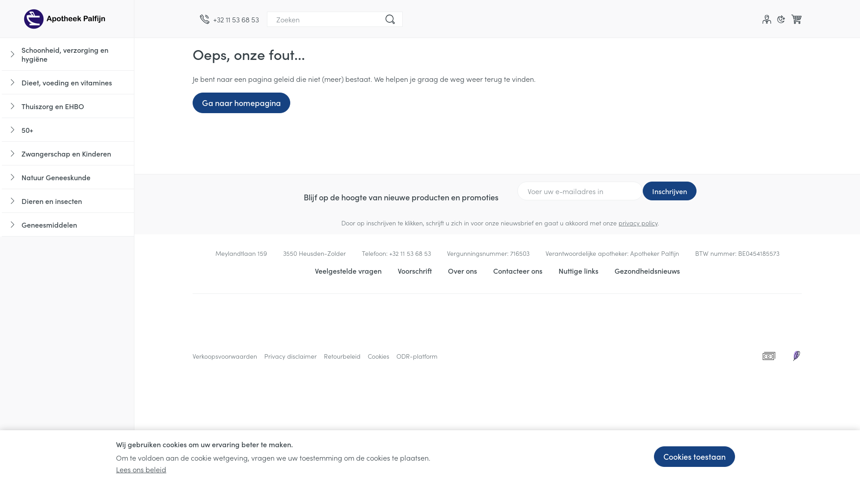 This screenshot has height=483, width=860. What do you see at coordinates (66, 18) in the screenshot?
I see `'Apotheek Palfijn'` at bounding box center [66, 18].